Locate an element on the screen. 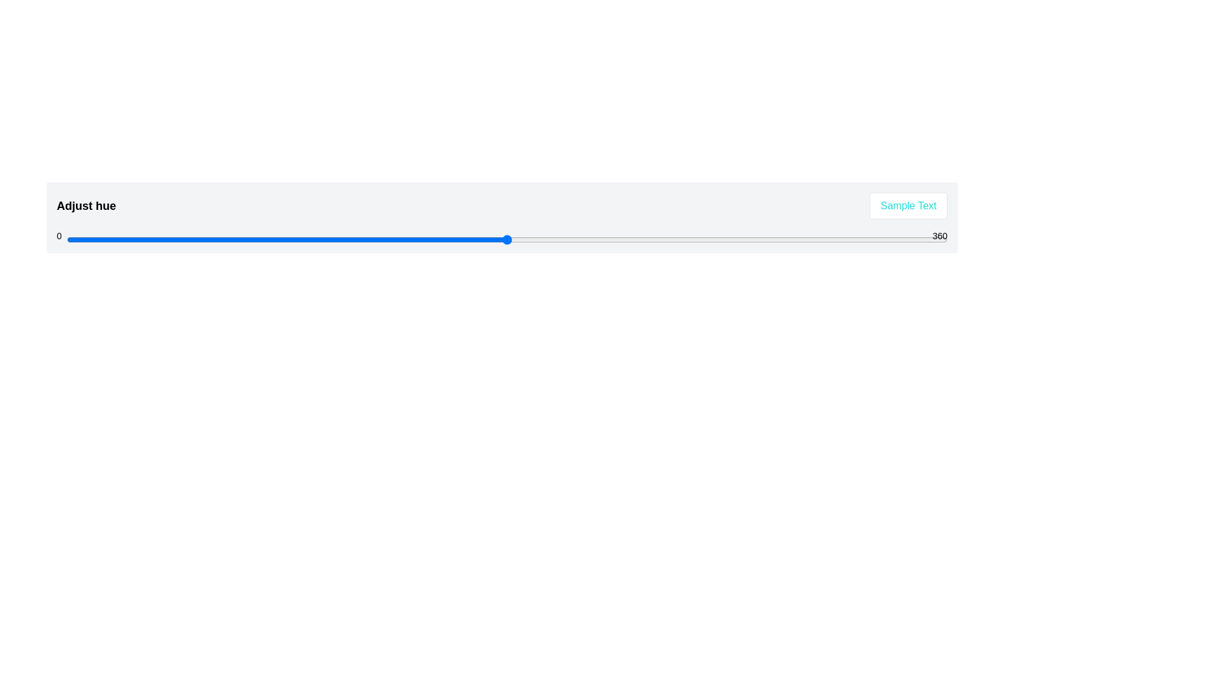  the hue slider to set the hue value to 329 is located at coordinates (871, 239).